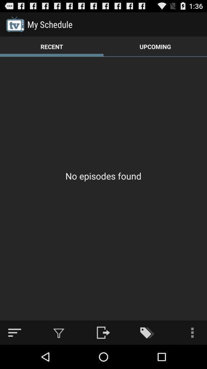 The image size is (207, 369). Describe the element at coordinates (52, 46) in the screenshot. I see `the item to the left of the upcoming` at that location.